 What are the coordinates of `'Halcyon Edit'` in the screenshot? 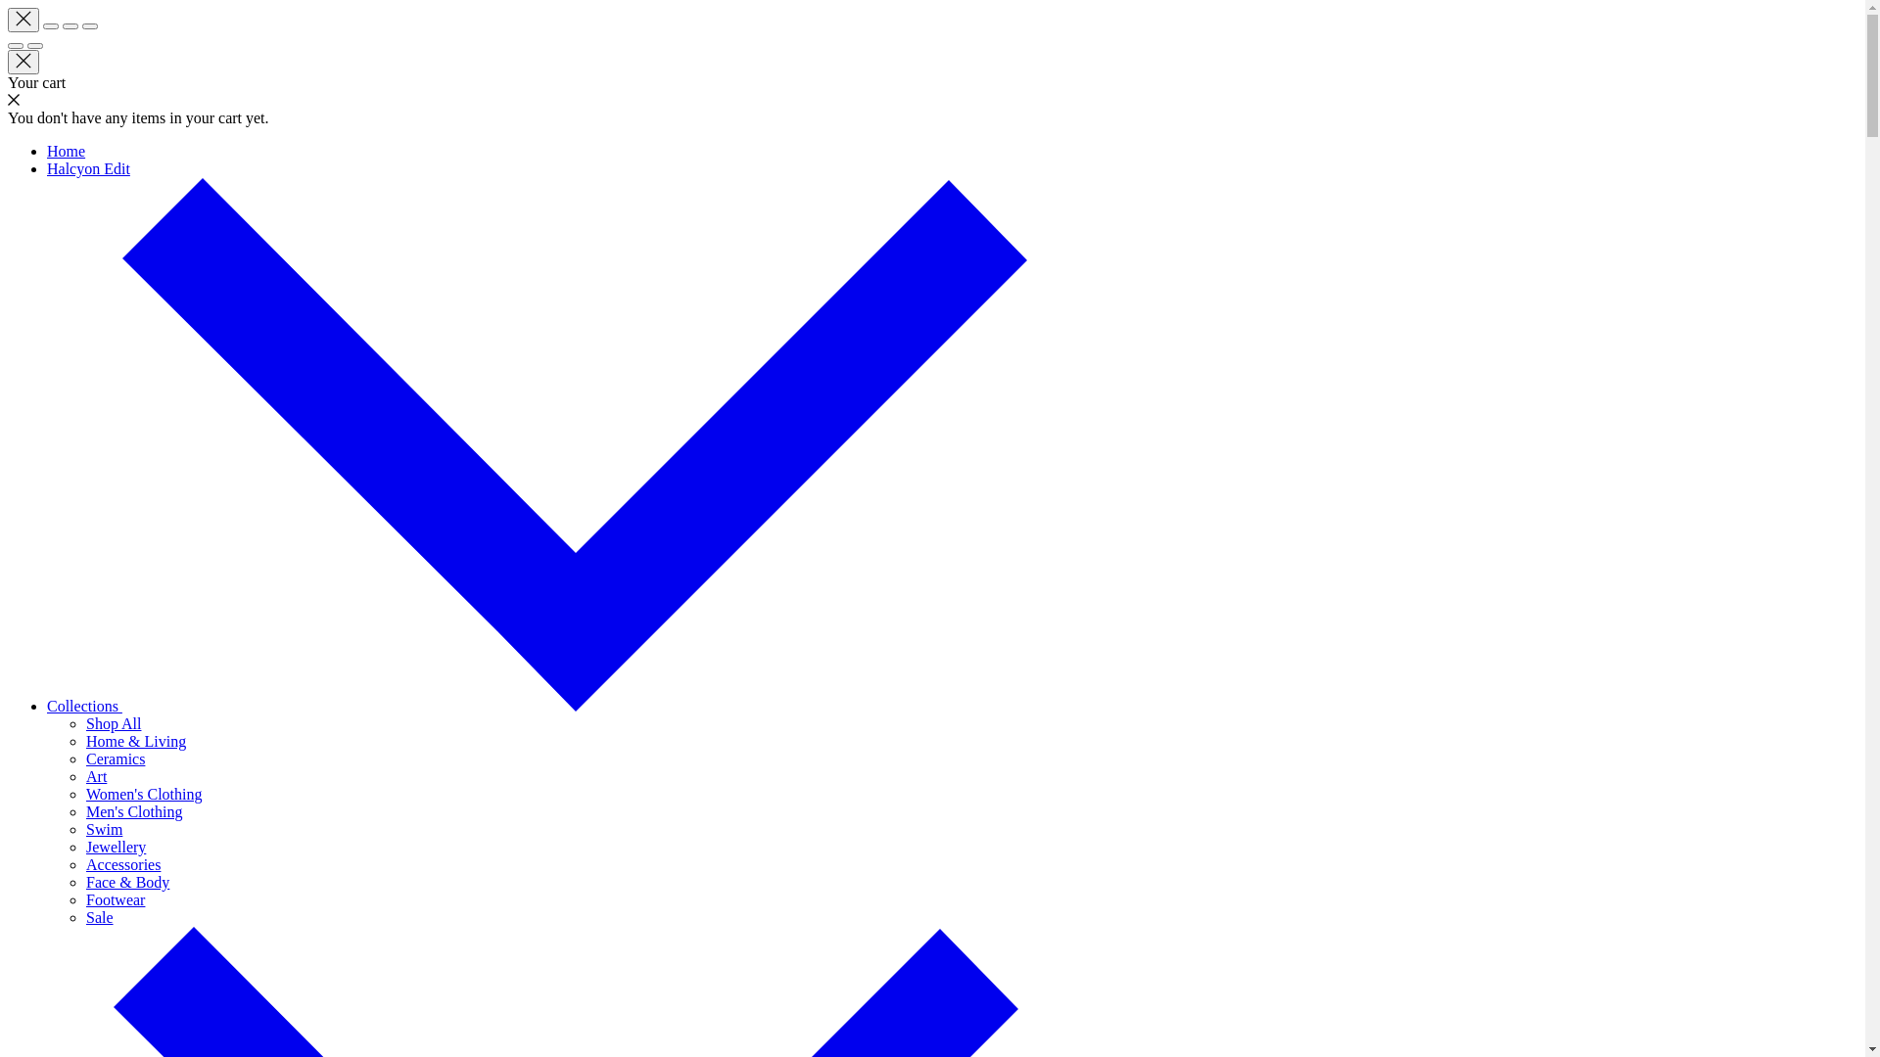 It's located at (87, 167).